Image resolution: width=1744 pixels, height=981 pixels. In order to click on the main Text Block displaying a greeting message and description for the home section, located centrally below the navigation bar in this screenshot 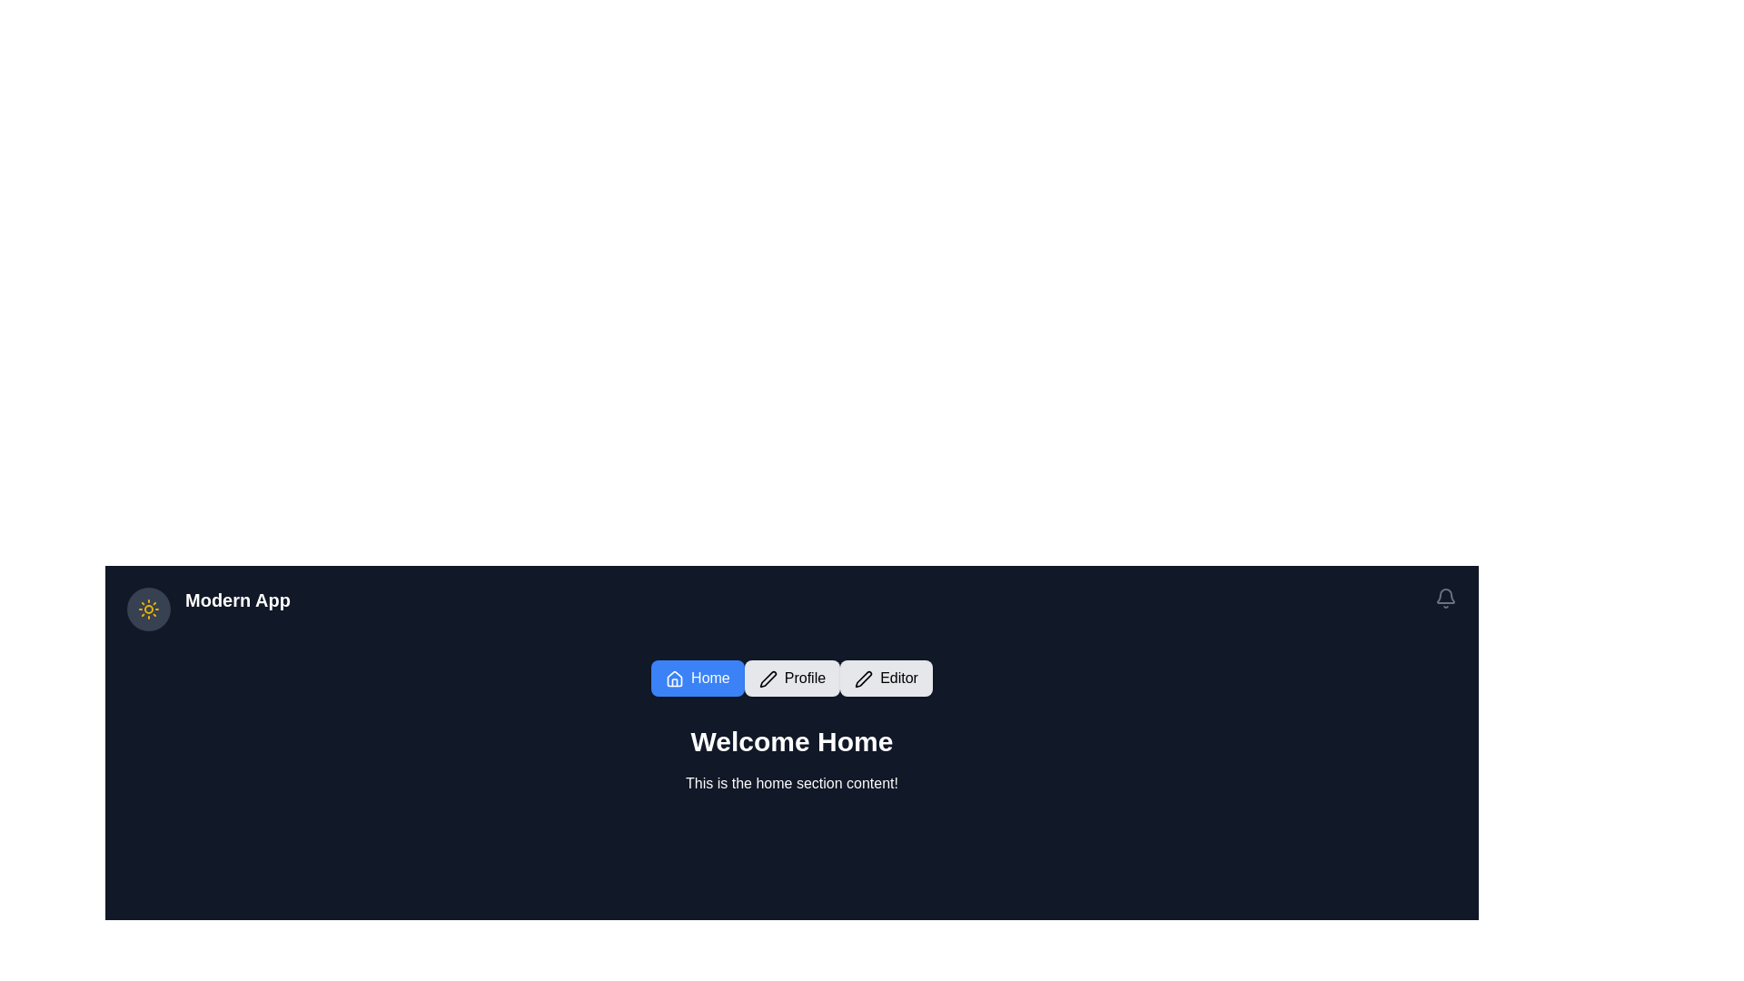, I will do `click(792, 760)`.